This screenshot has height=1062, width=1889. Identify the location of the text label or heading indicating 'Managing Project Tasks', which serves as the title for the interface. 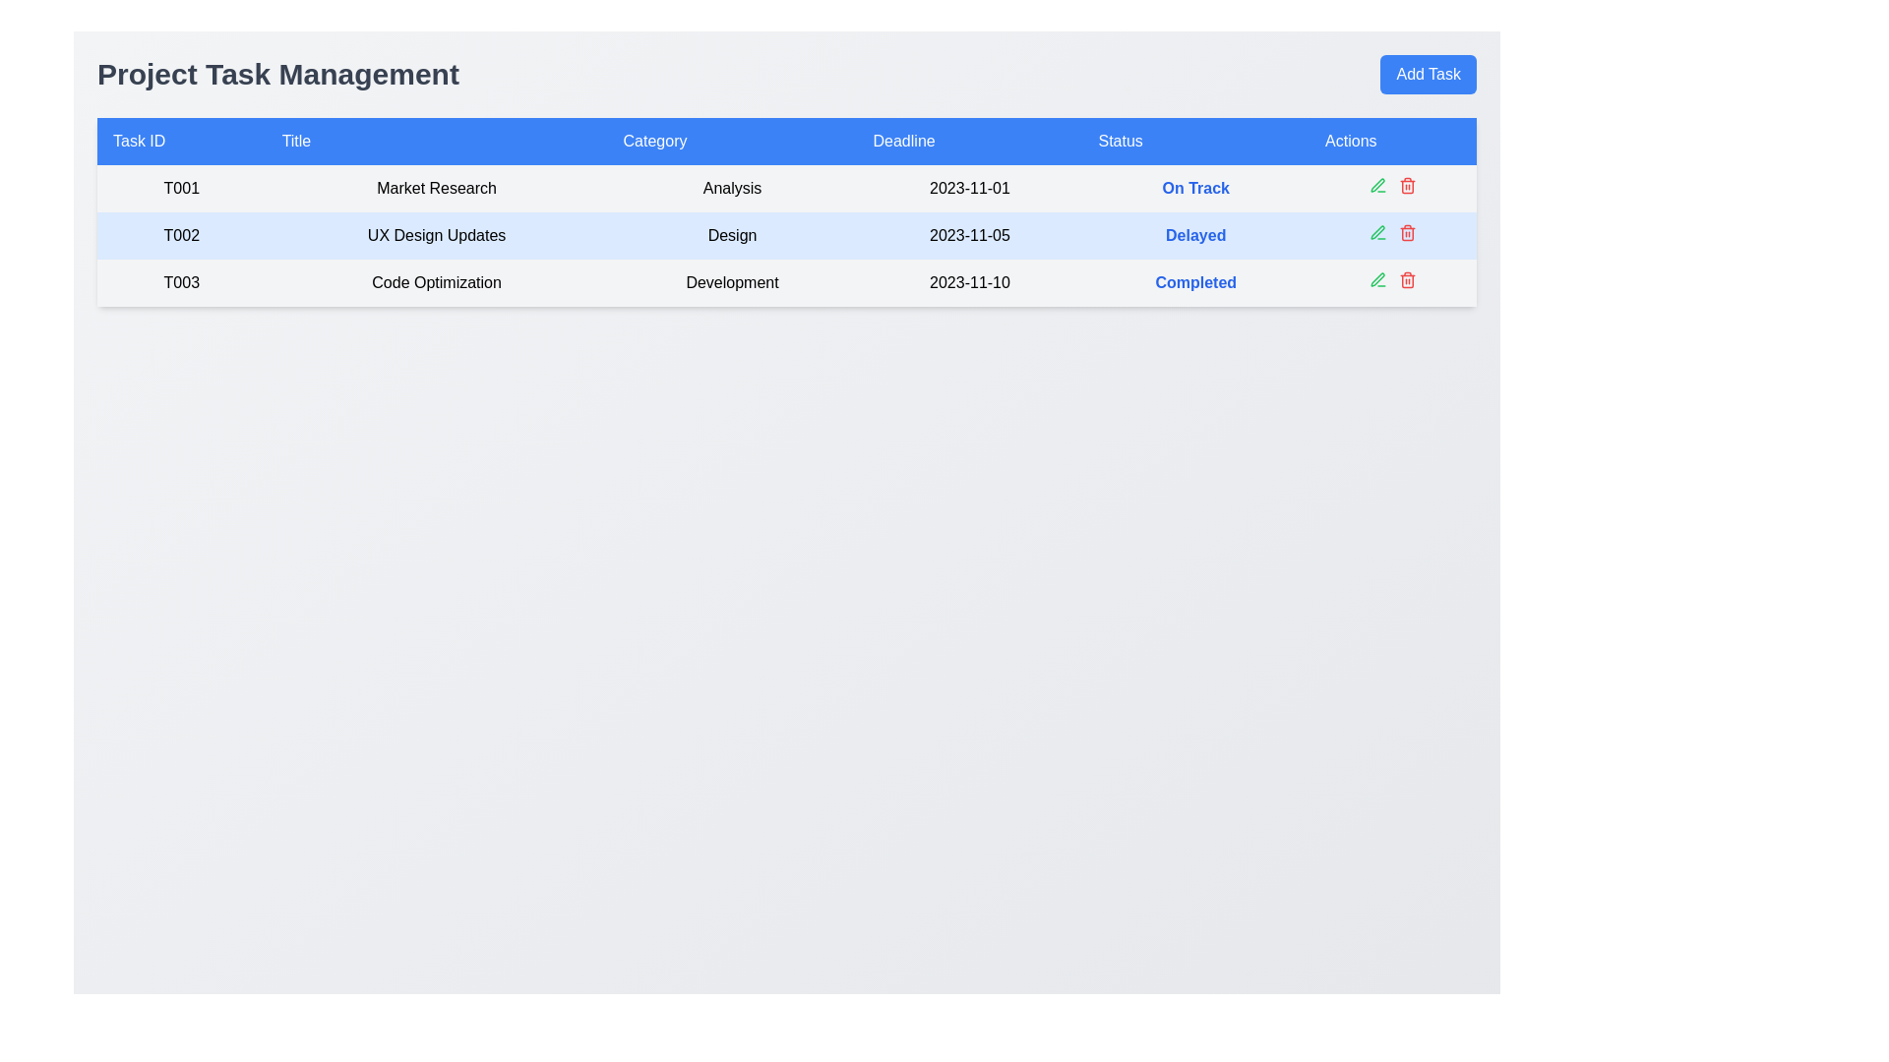
(277, 74).